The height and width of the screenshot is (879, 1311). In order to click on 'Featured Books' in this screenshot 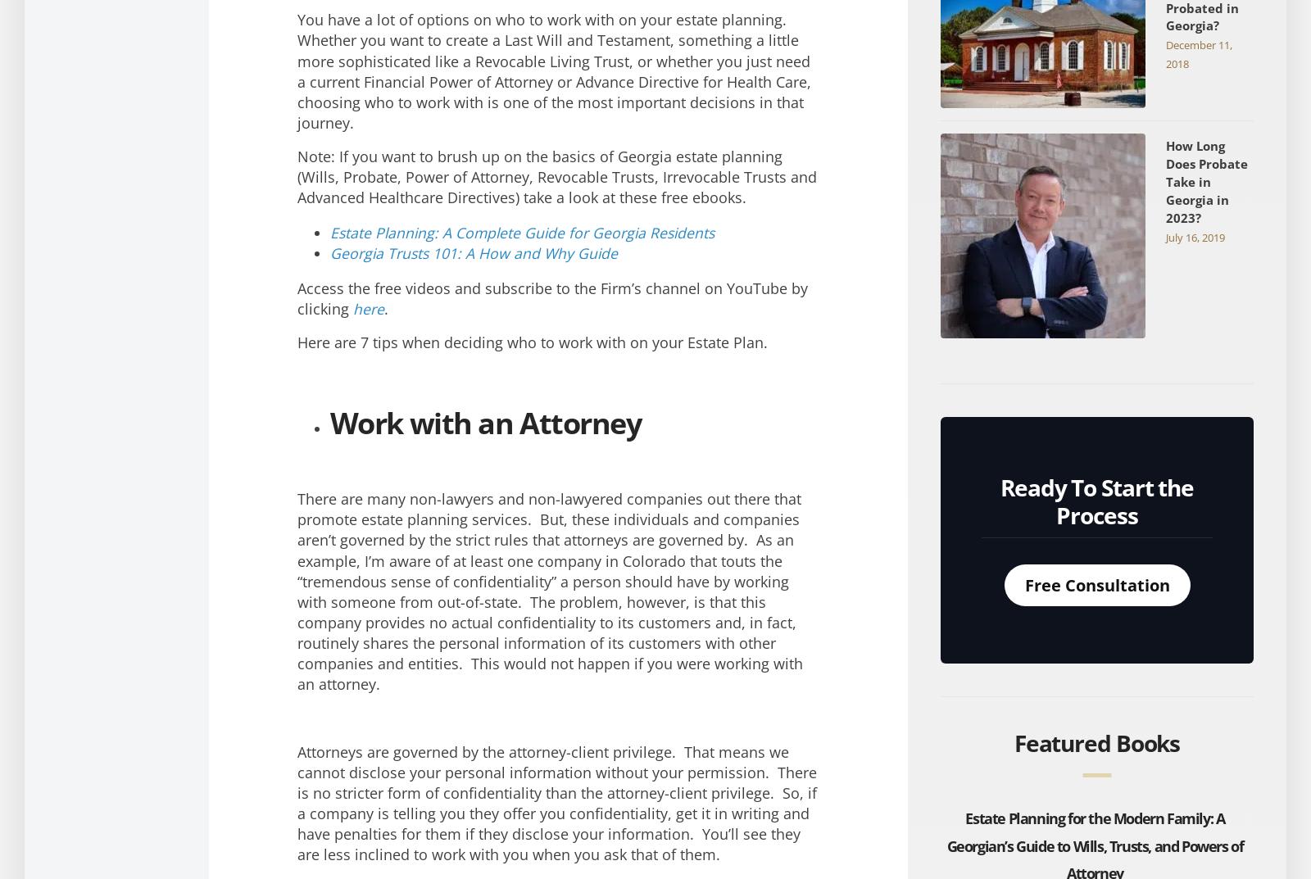, I will do `click(1096, 743)`.